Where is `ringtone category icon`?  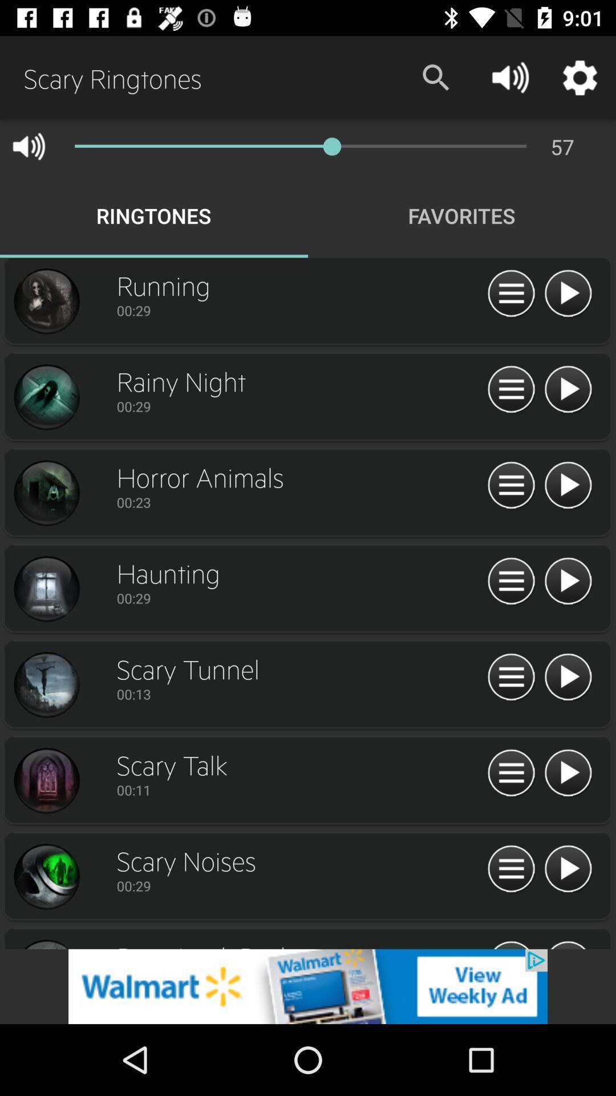
ringtone category icon is located at coordinates (46, 493).